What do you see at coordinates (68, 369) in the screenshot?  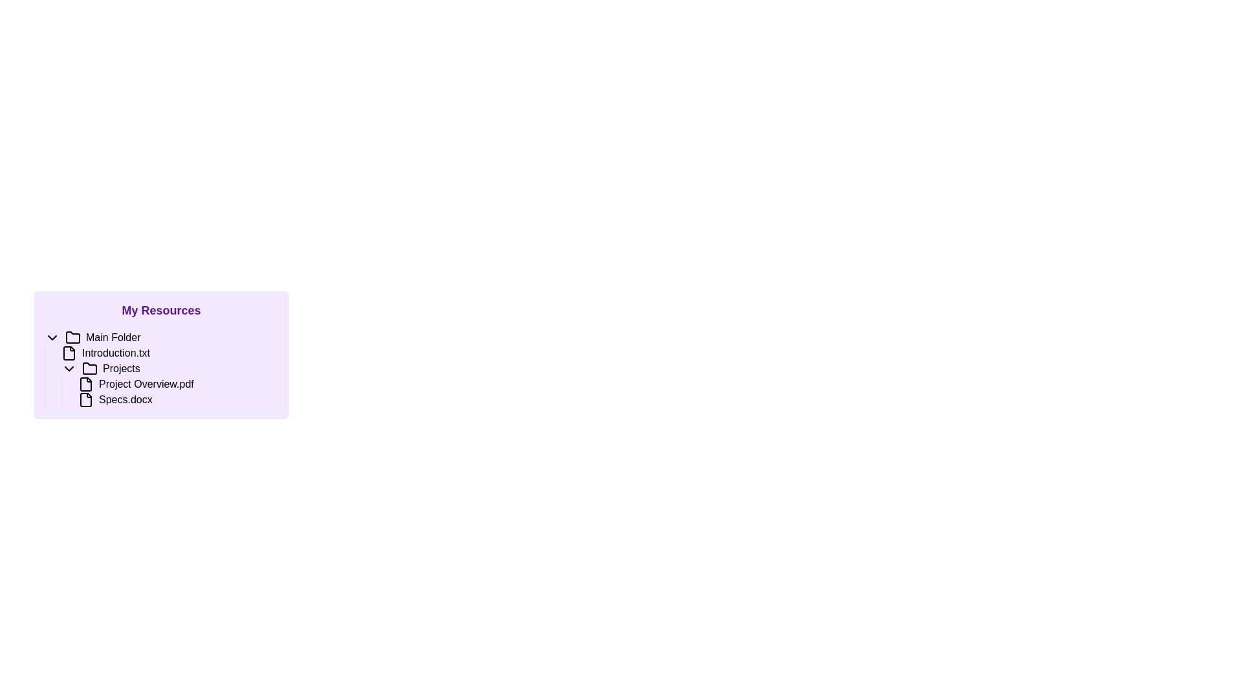 I see `the chevron icon located immediately before the text 'Projects'` at bounding box center [68, 369].